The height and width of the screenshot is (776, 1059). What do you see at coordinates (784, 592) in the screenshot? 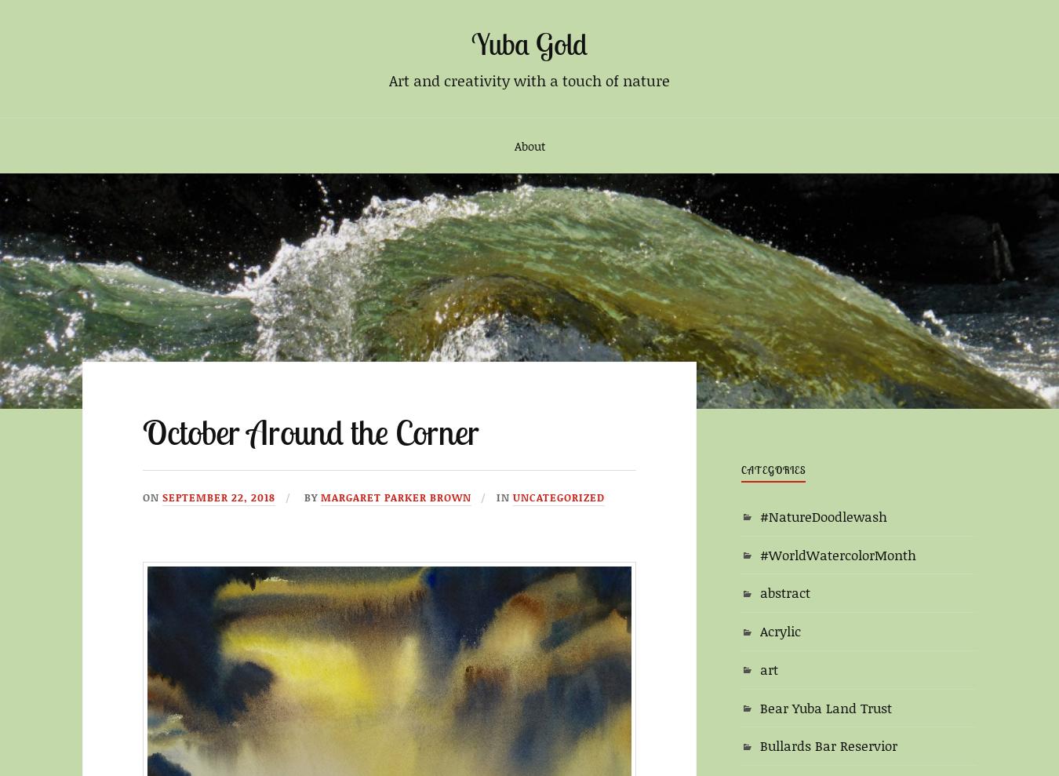
I see `'abstract'` at bounding box center [784, 592].